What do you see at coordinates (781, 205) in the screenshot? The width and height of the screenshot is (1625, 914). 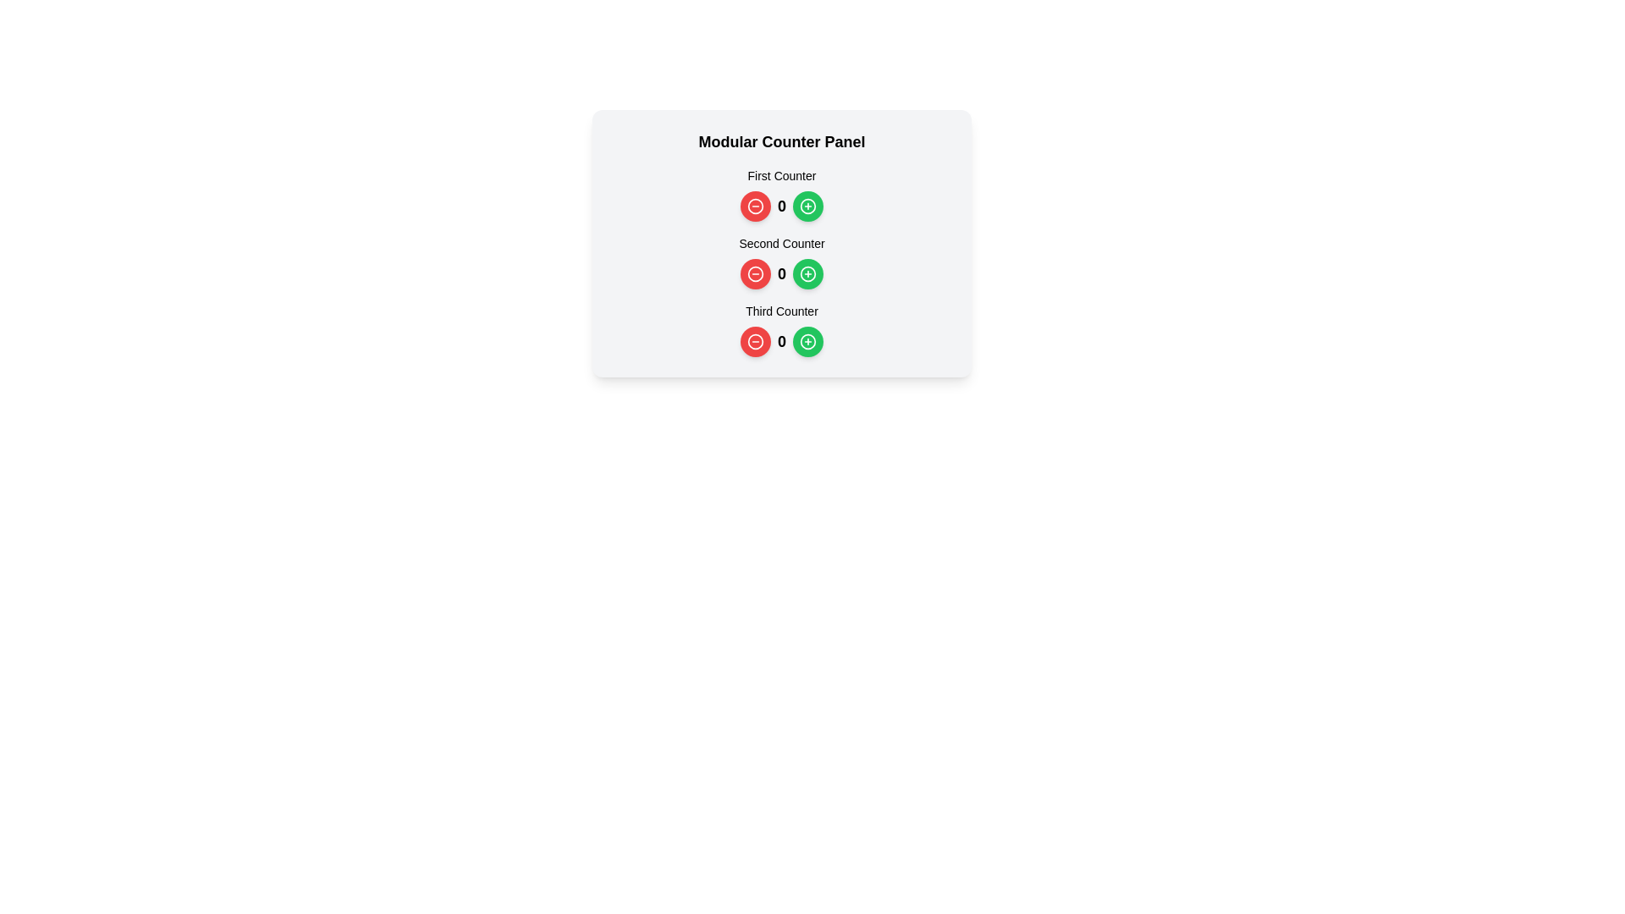 I see `the Text label (numeric display) that shows the current count or value of the counter, located centrally in the 'First Counter' section between the decrement and increment buttons` at bounding box center [781, 205].